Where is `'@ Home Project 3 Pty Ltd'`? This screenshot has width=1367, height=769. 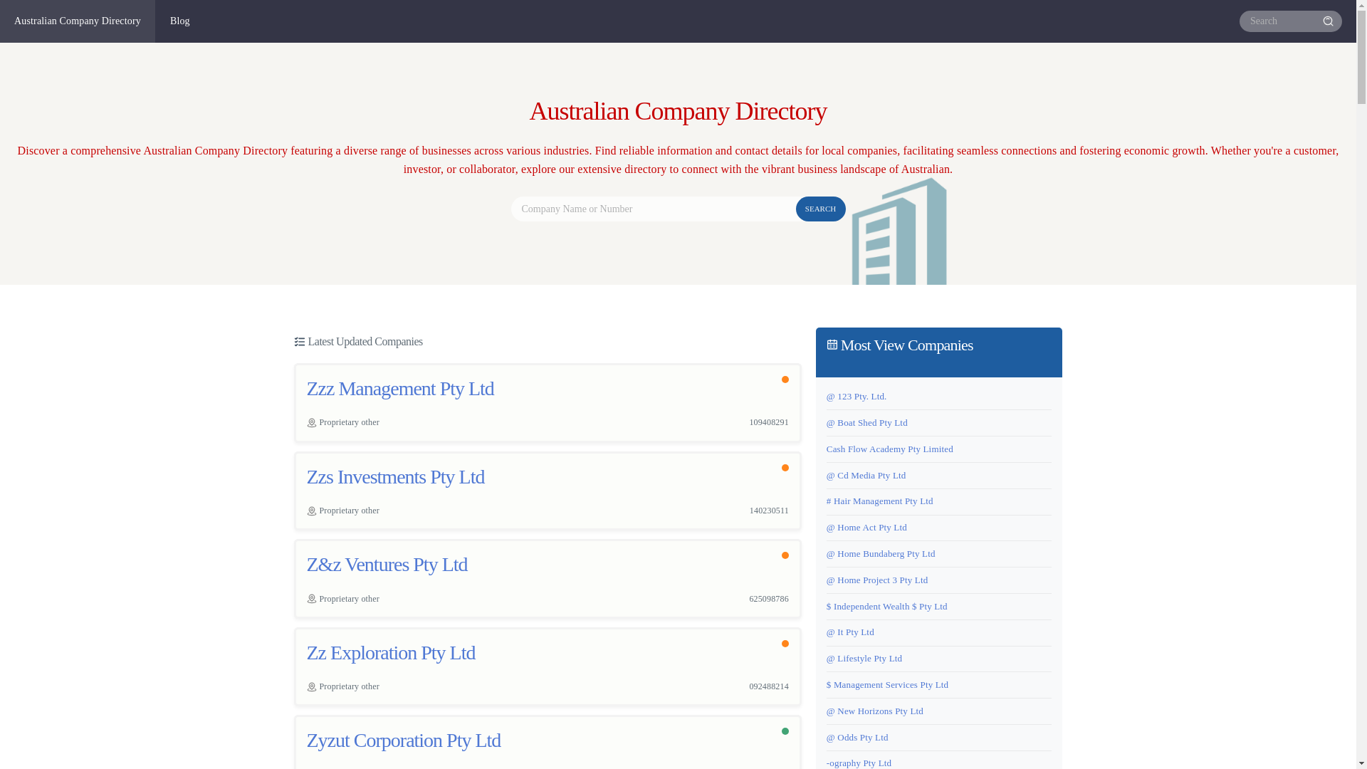 '@ Home Project 3 Pty Ltd' is located at coordinates (876, 580).